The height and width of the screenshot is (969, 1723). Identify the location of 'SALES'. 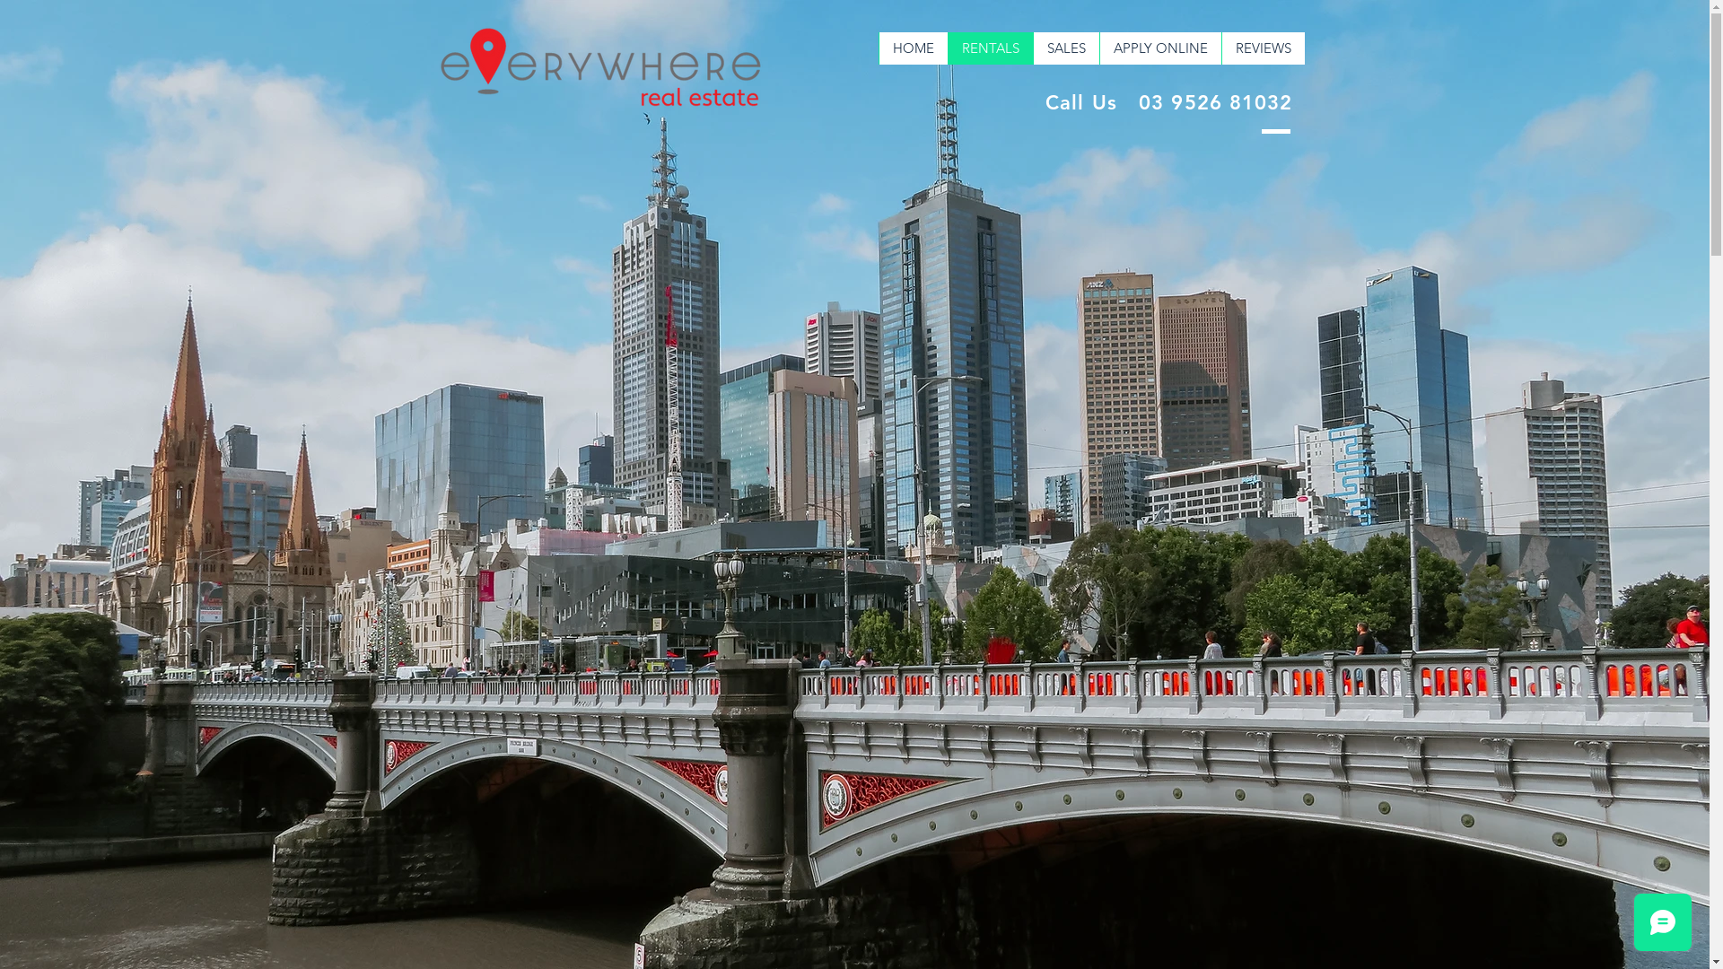
(1064, 48).